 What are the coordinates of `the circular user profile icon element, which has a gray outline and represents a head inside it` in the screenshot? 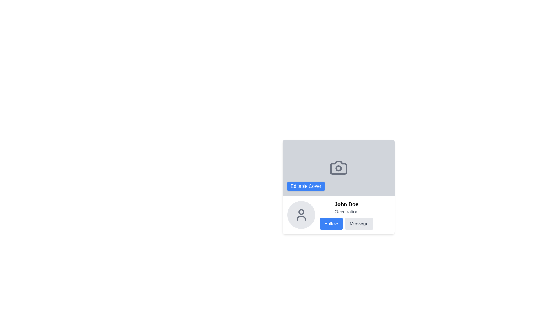 It's located at (301, 212).